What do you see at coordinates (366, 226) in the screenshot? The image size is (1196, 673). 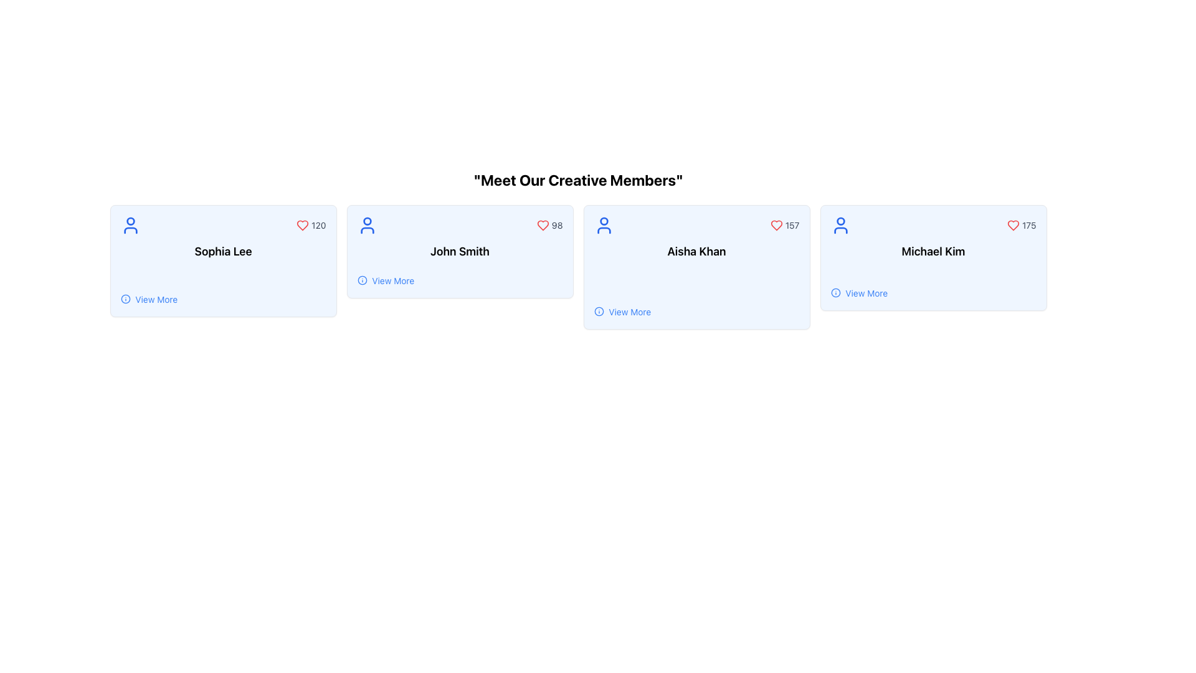 I see `the user icon representing 'John Smith', which is a blue outline of a person located in the top-left corner of his card` at bounding box center [366, 226].